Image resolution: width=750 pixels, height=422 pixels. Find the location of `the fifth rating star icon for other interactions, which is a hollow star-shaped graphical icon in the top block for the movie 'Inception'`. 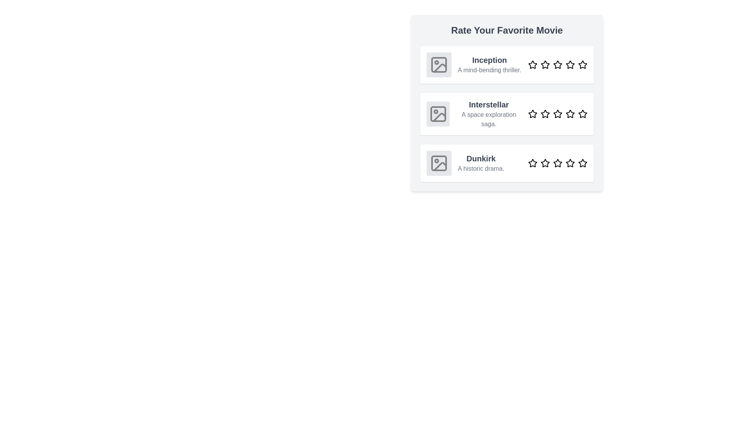

the fifth rating star icon for other interactions, which is a hollow star-shaped graphical icon in the top block for the movie 'Inception' is located at coordinates (583, 64).